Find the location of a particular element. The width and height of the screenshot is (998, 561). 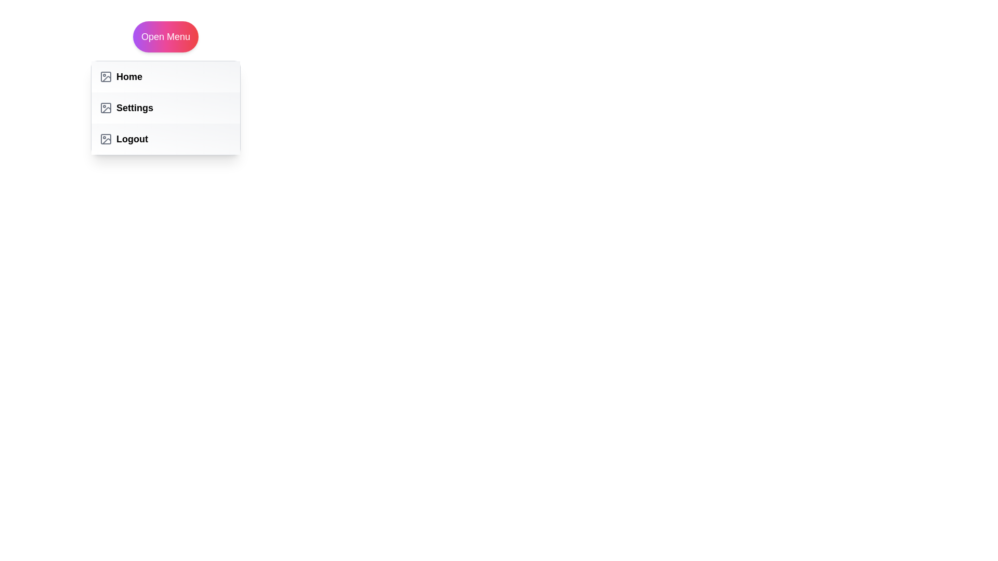

the 'Open Menu' button to toggle the visibility of the menu is located at coordinates (165, 36).